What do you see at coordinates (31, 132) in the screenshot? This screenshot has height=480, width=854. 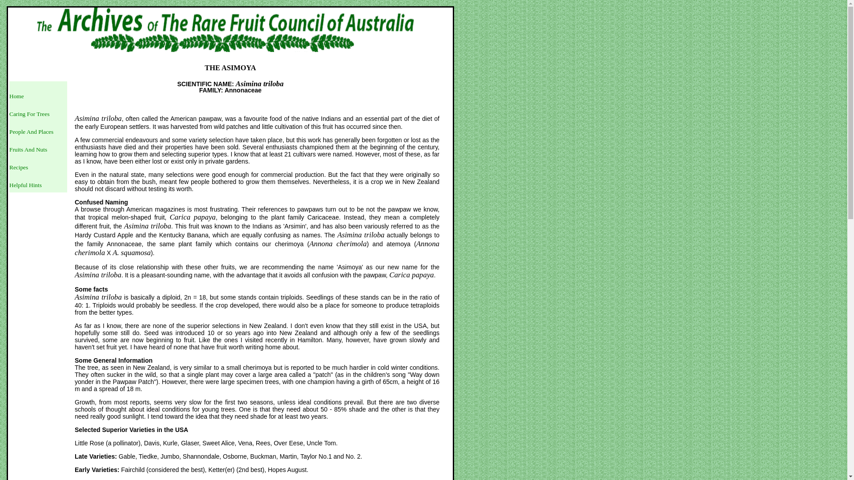 I see `'People And Places'` at bounding box center [31, 132].